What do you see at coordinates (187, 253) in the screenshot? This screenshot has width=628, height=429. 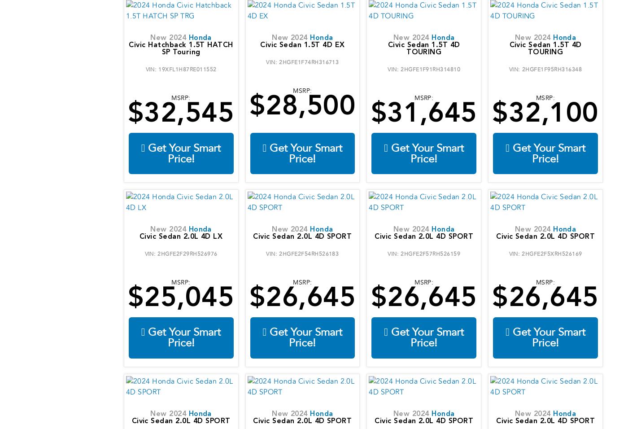 I see `'2HGFE2F29RH526976'` at bounding box center [187, 253].